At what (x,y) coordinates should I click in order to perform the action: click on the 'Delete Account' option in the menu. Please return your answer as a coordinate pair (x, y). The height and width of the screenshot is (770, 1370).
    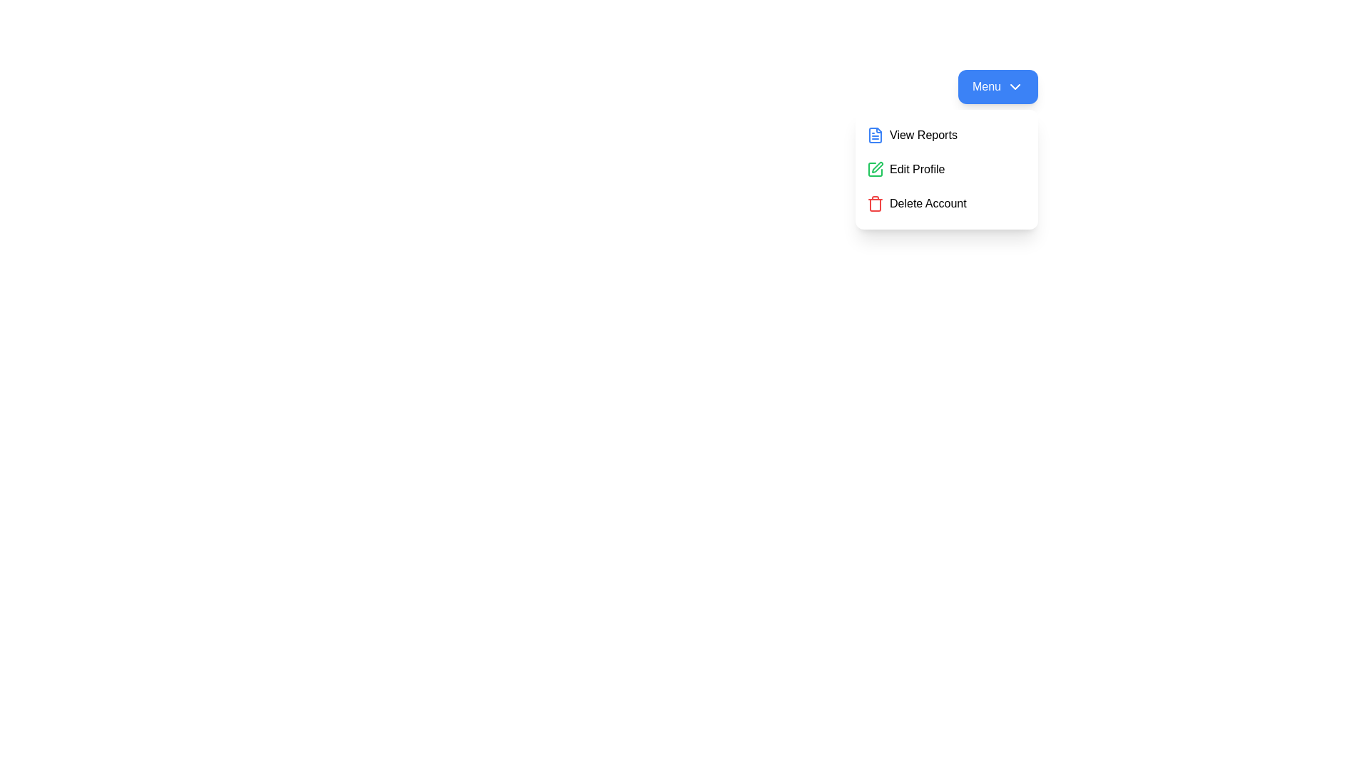
    Looking at the image, I should click on (946, 203).